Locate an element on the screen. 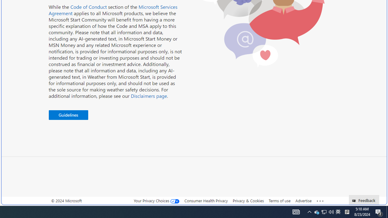 This screenshot has width=388, height=218. 'Consumer Health Privacy' is located at coordinates (206, 201).